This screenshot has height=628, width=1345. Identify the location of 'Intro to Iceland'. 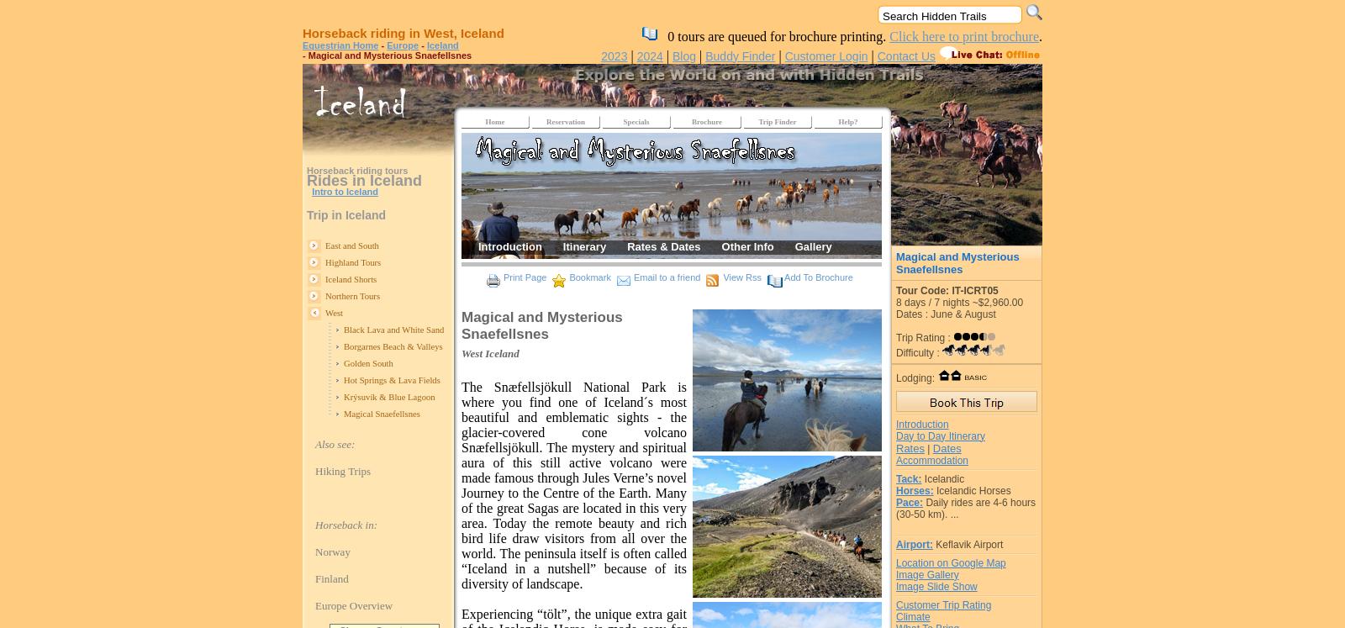
(343, 190).